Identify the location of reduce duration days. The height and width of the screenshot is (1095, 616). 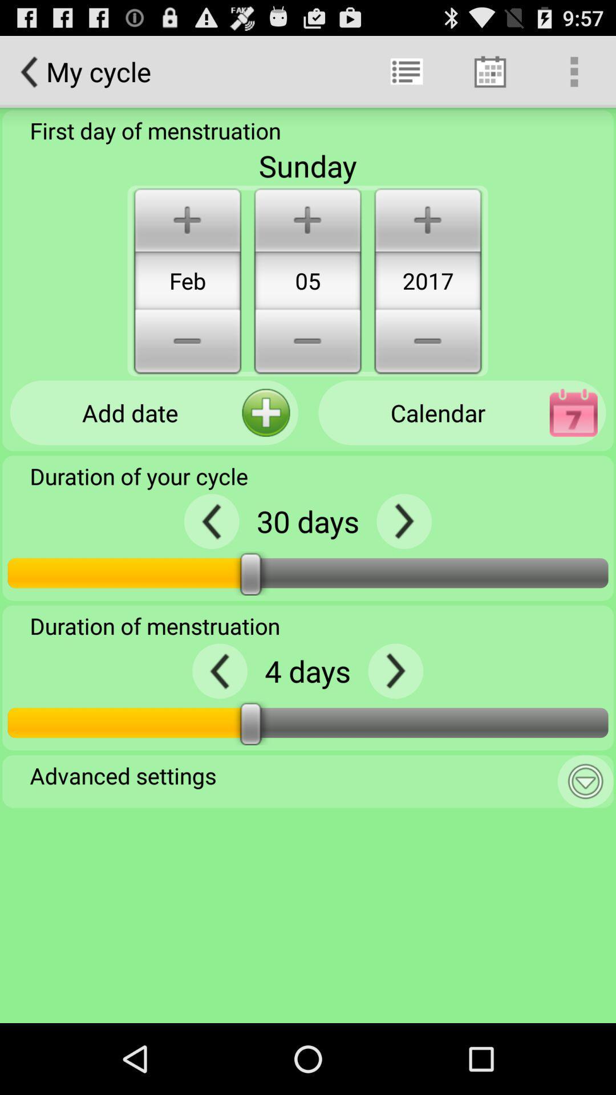
(212, 521).